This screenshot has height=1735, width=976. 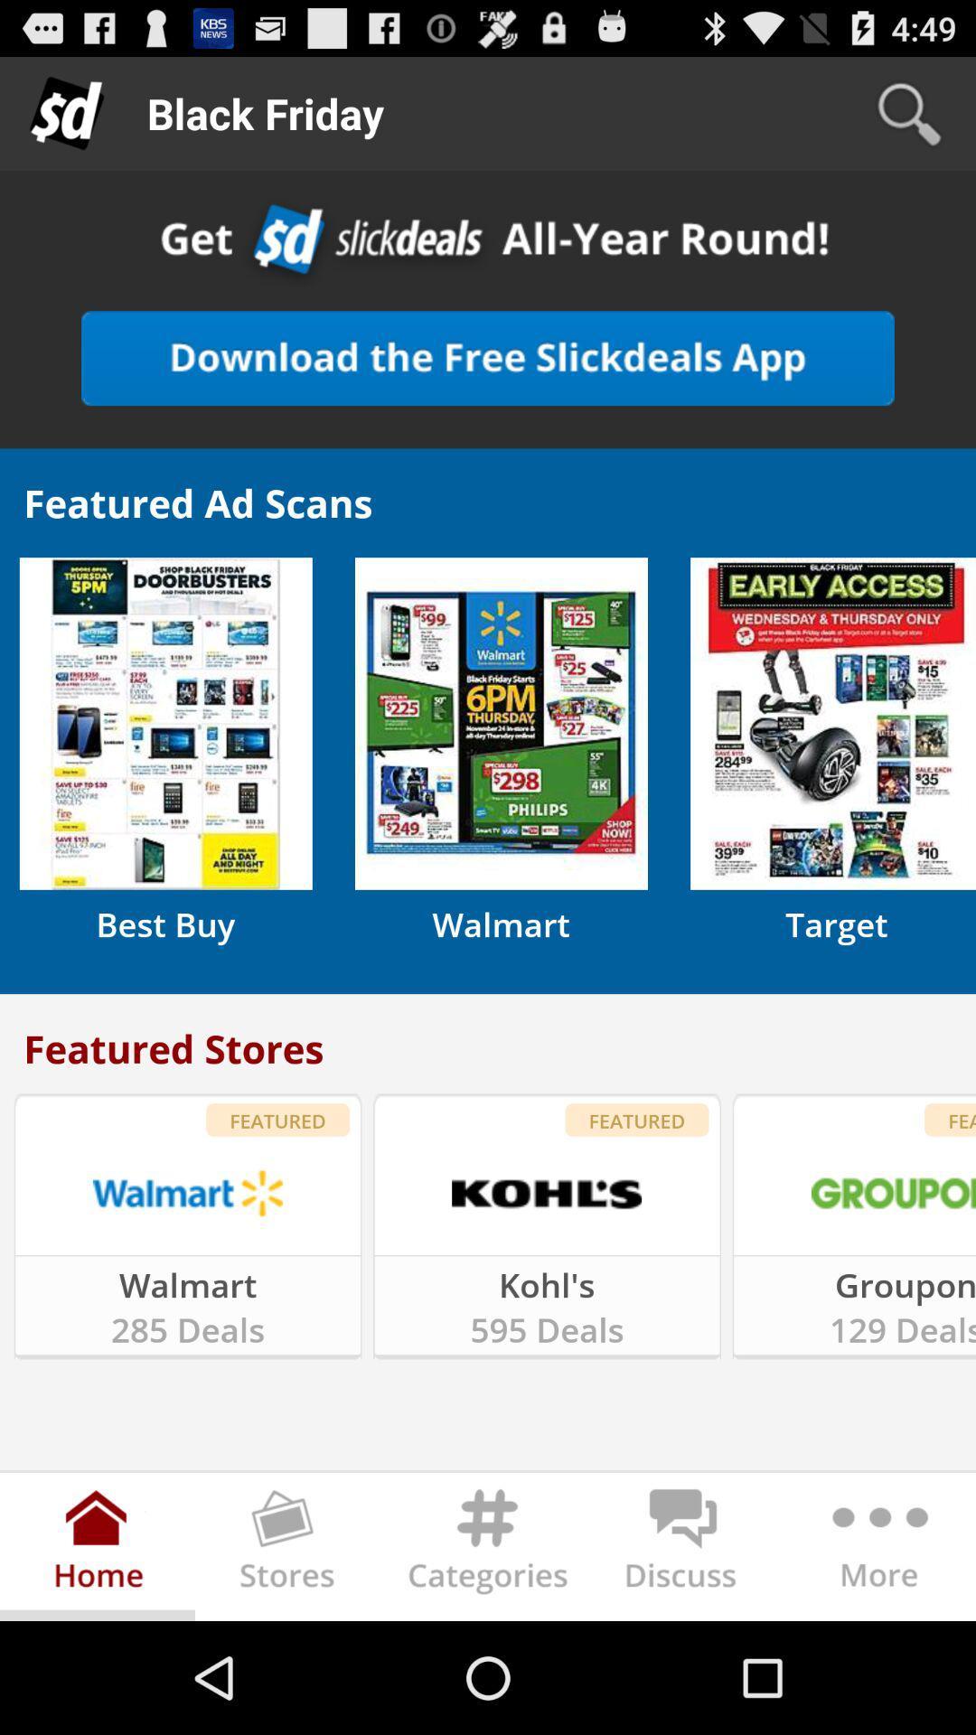 I want to click on go home, so click(x=98, y=1550).